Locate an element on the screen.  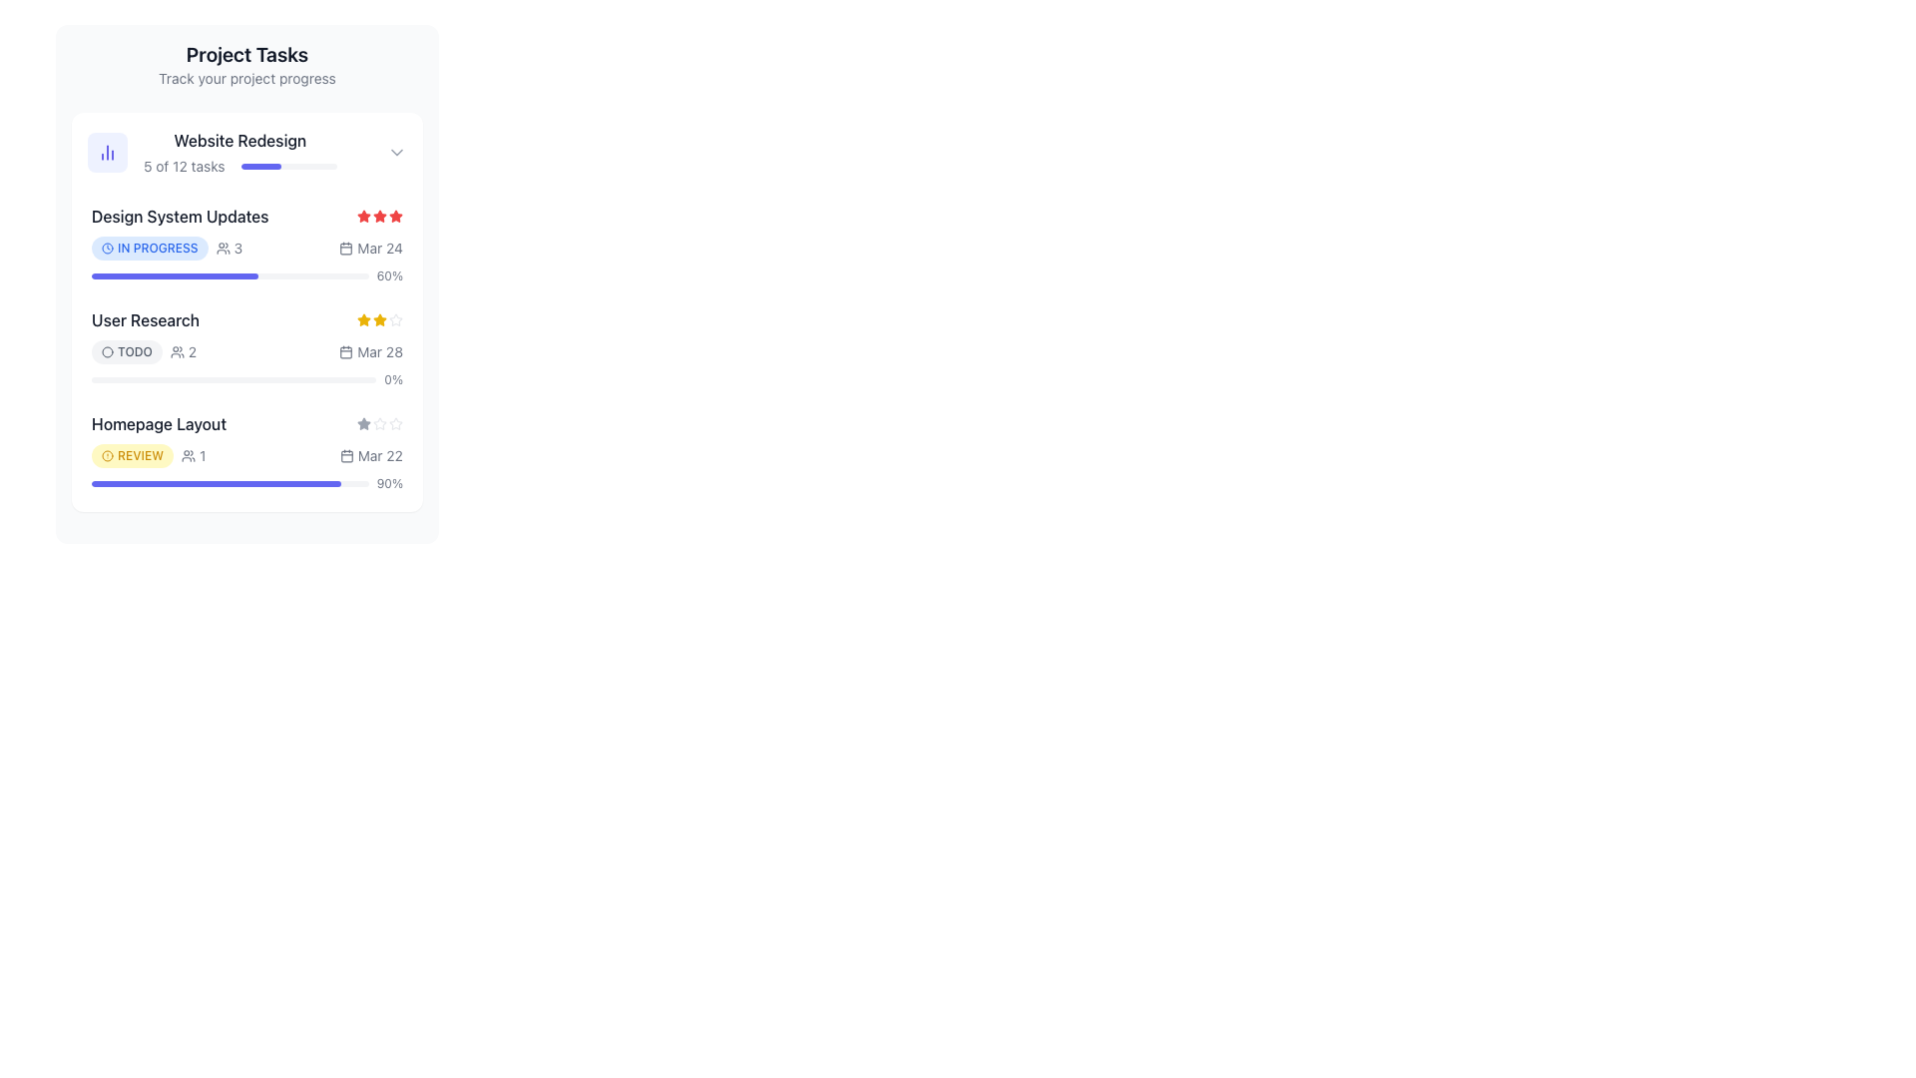
the small user group icon, which is an outline drawing located to the left of the text '2' in the task summary section labeled 'User Research' is located at coordinates (177, 351).